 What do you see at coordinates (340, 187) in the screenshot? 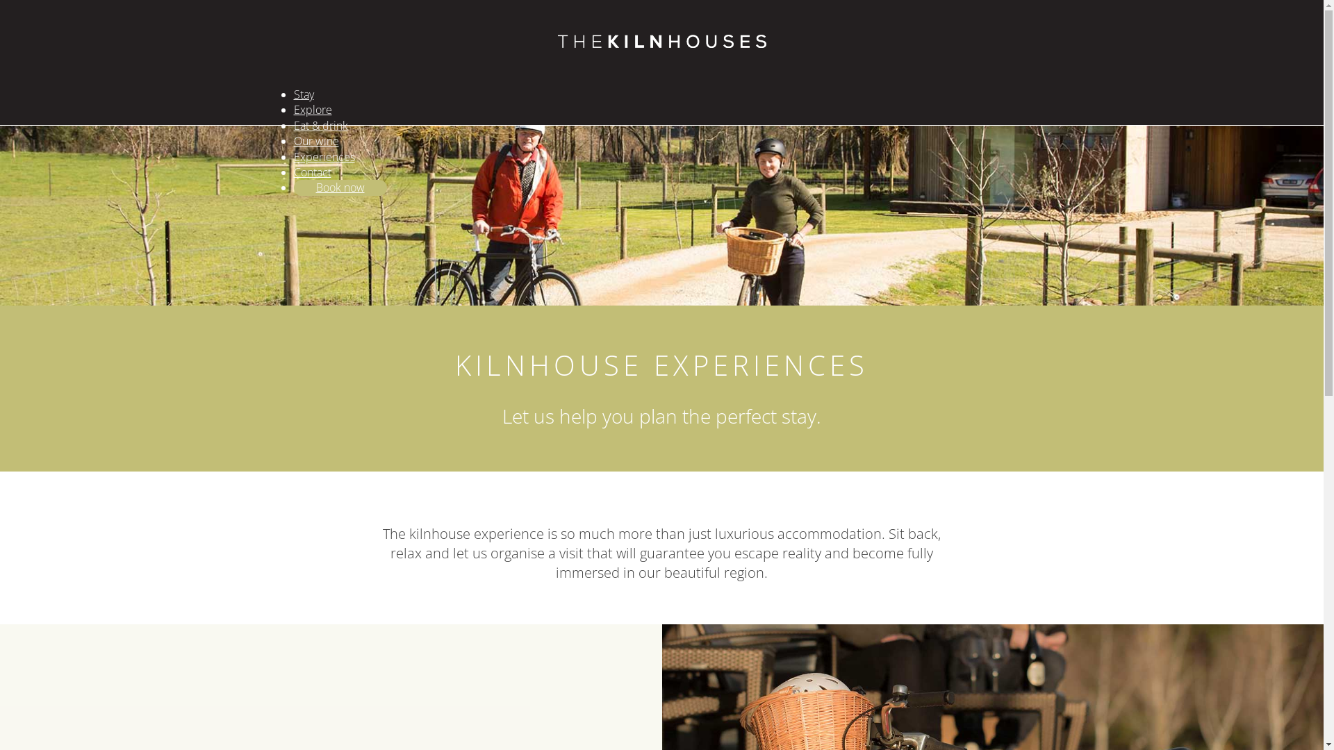
I see `'Book now'` at bounding box center [340, 187].